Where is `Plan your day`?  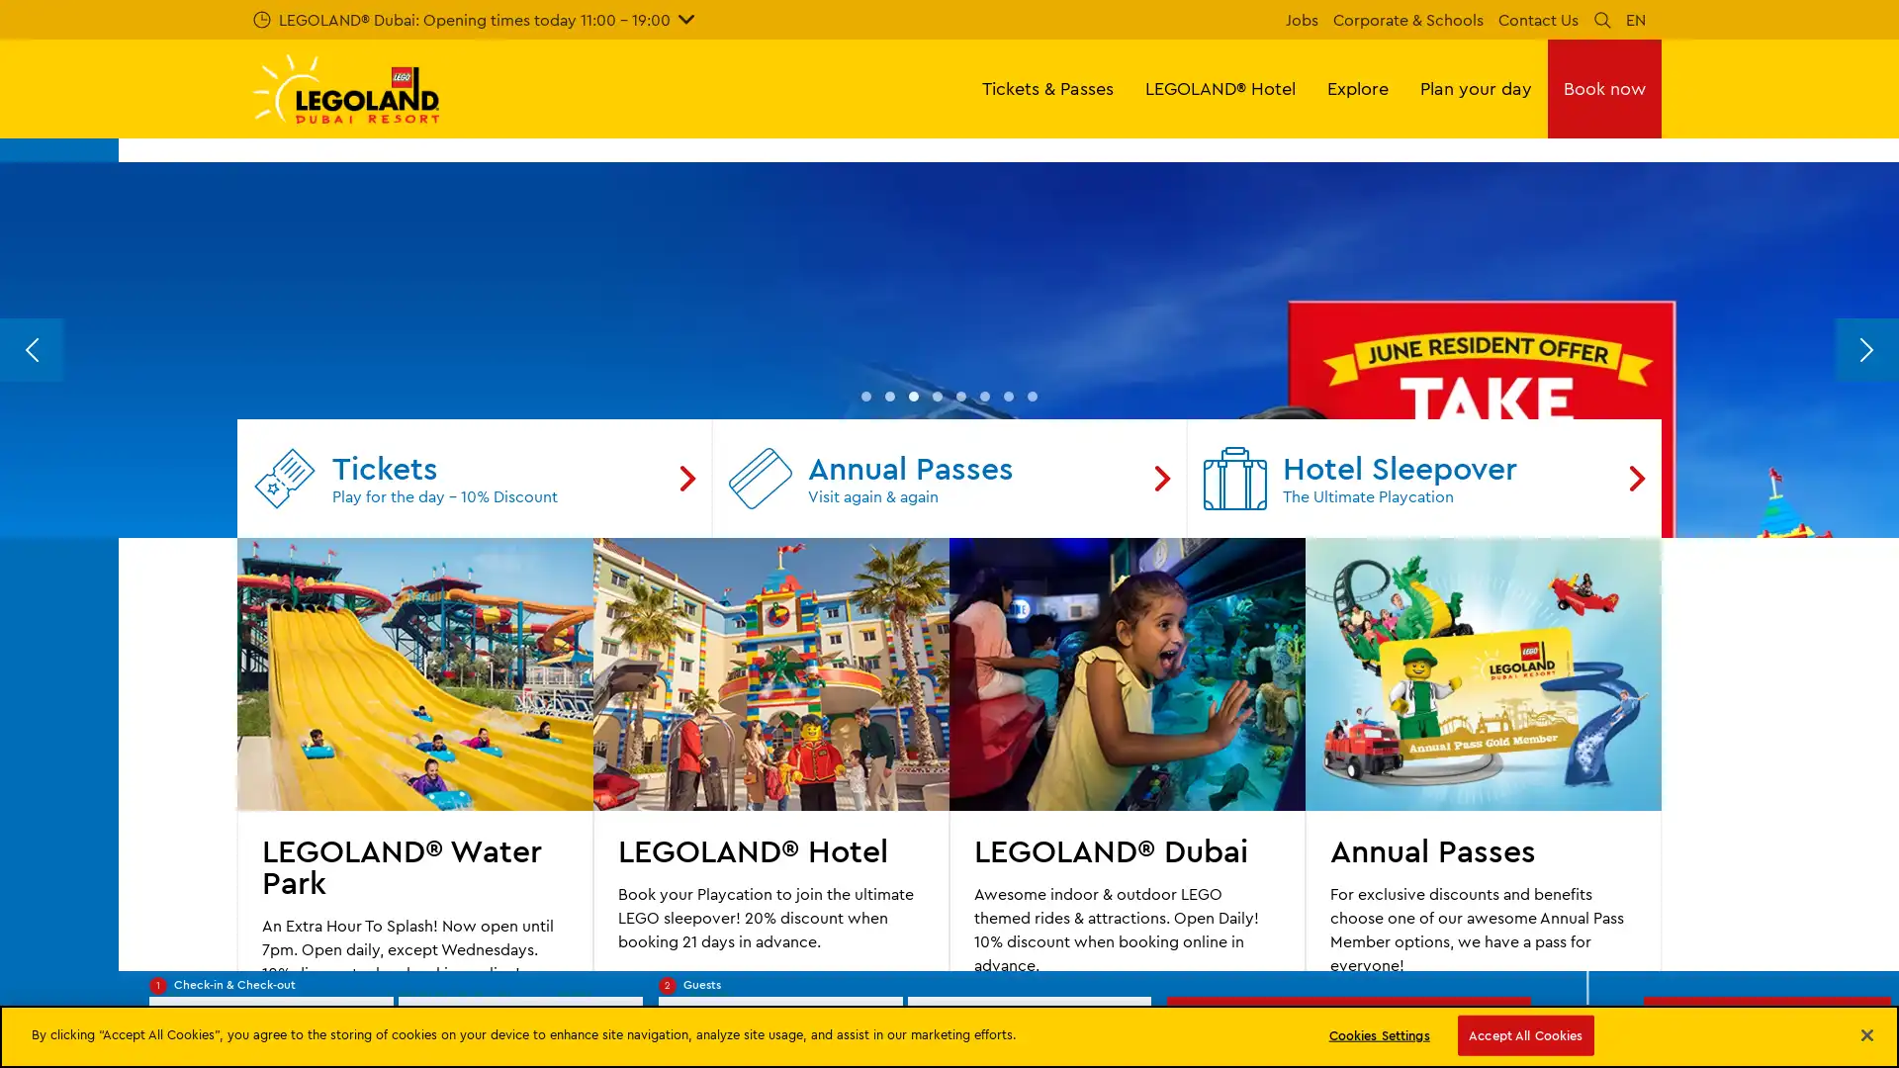
Plan your day is located at coordinates (1476, 87).